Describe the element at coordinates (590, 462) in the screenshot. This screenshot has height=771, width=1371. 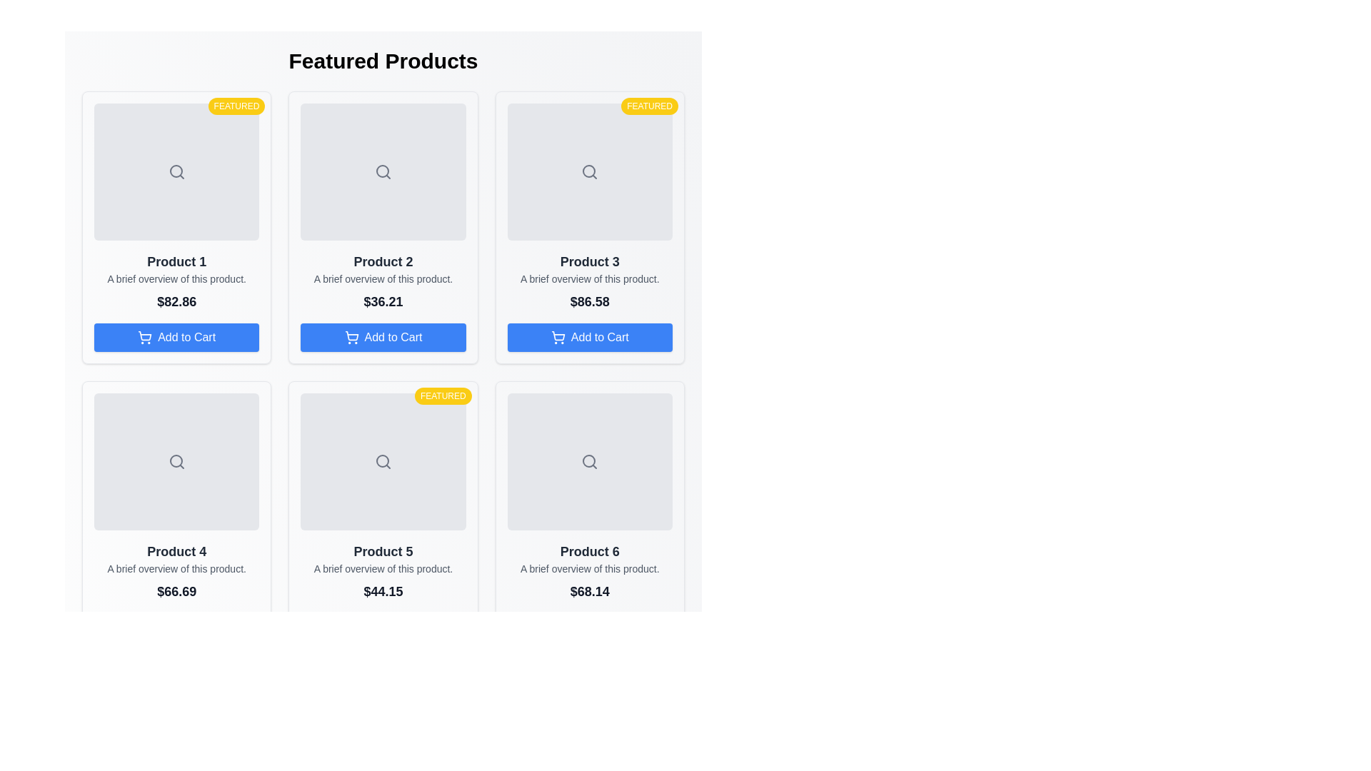
I see `the magnifying glass icon located in the sixth product card of the second row, which is centered within a light gray background box` at that location.